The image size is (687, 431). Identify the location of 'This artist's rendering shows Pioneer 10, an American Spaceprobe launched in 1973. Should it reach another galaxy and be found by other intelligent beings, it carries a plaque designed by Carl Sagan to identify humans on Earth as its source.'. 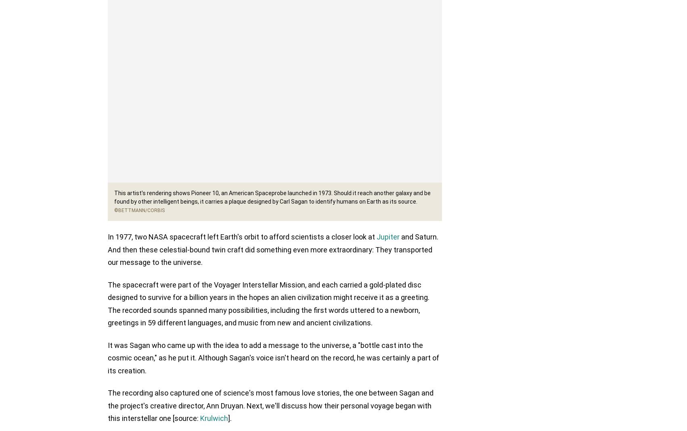
(114, 198).